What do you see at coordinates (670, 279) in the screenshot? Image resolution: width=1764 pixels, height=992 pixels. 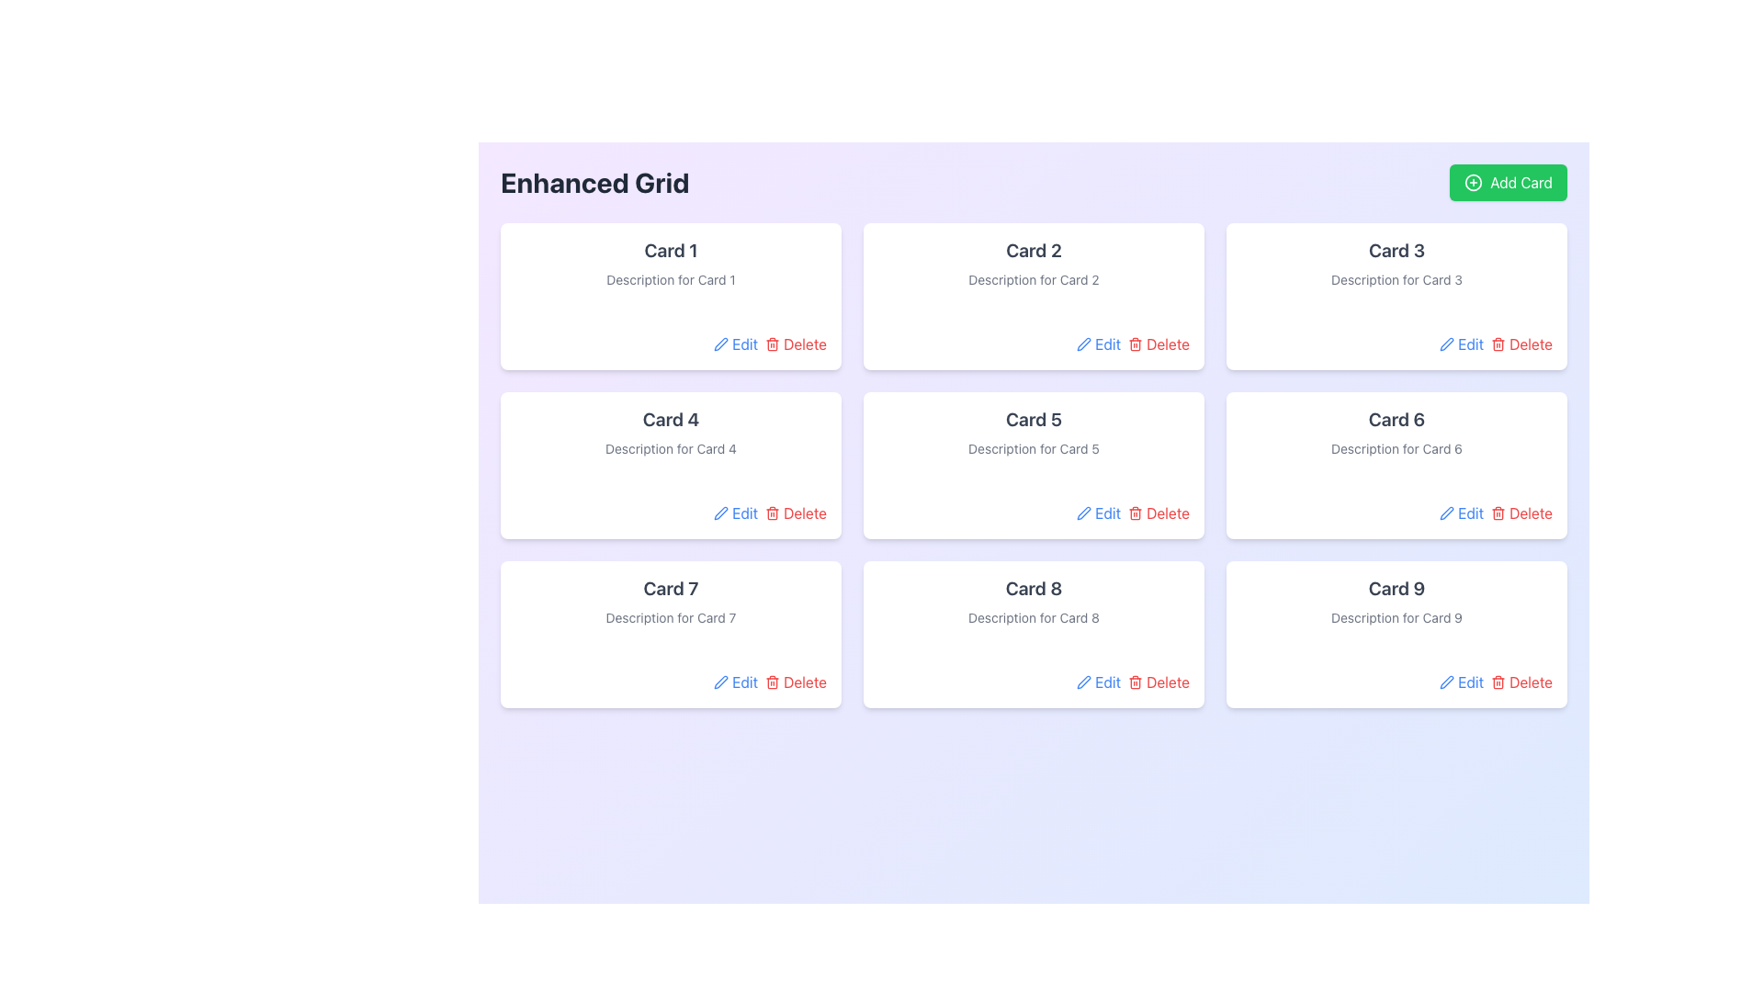 I see `the static text displaying 'Description for Card 1', which is styled with a smaller gray font and positioned below the header text 'Card 1' in the first card of a grid layout` at bounding box center [670, 279].